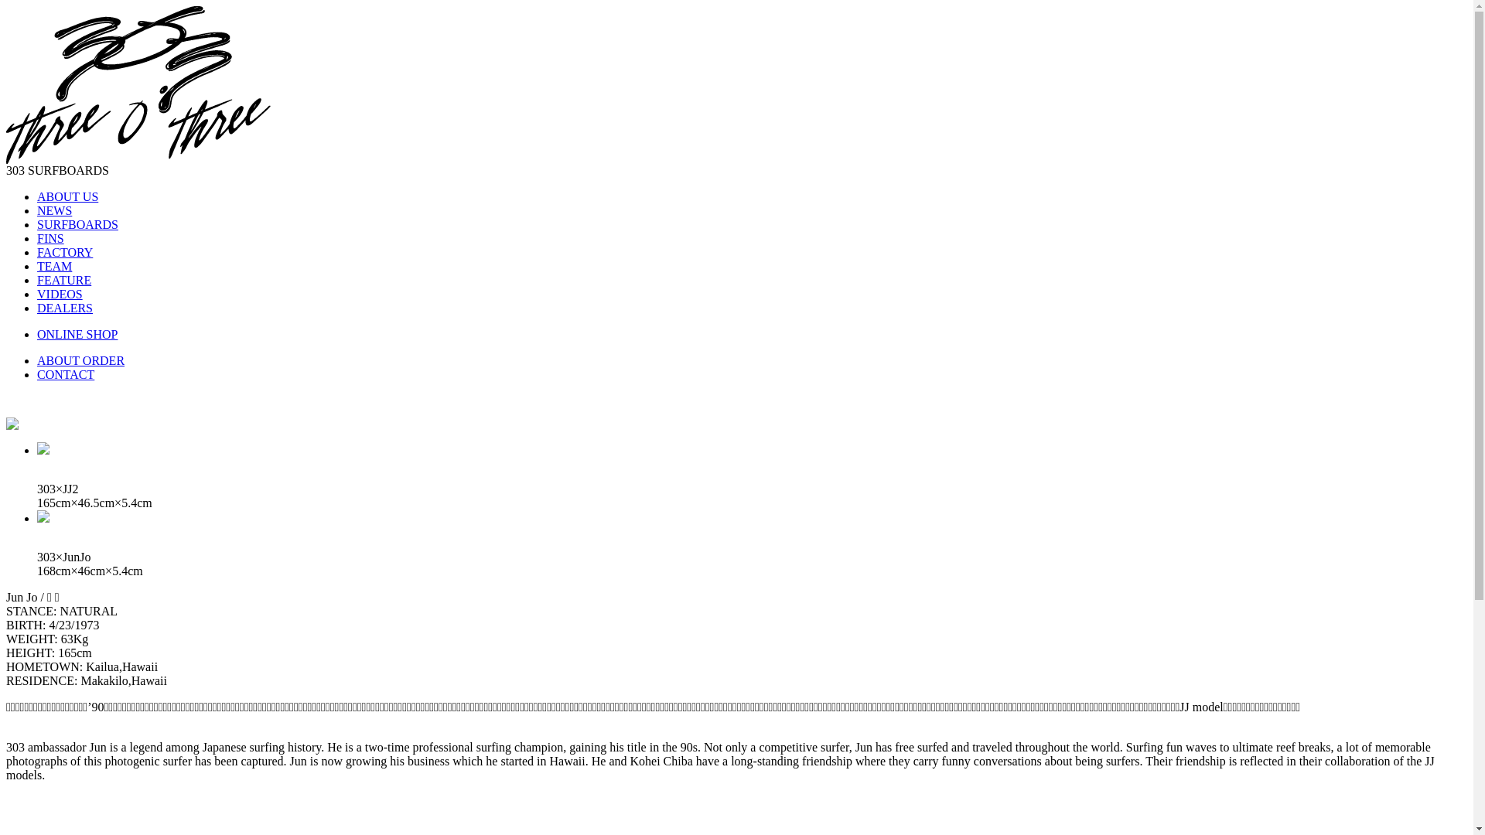  What do you see at coordinates (77, 224) in the screenshot?
I see `'SURFBOARDS'` at bounding box center [77, 224].